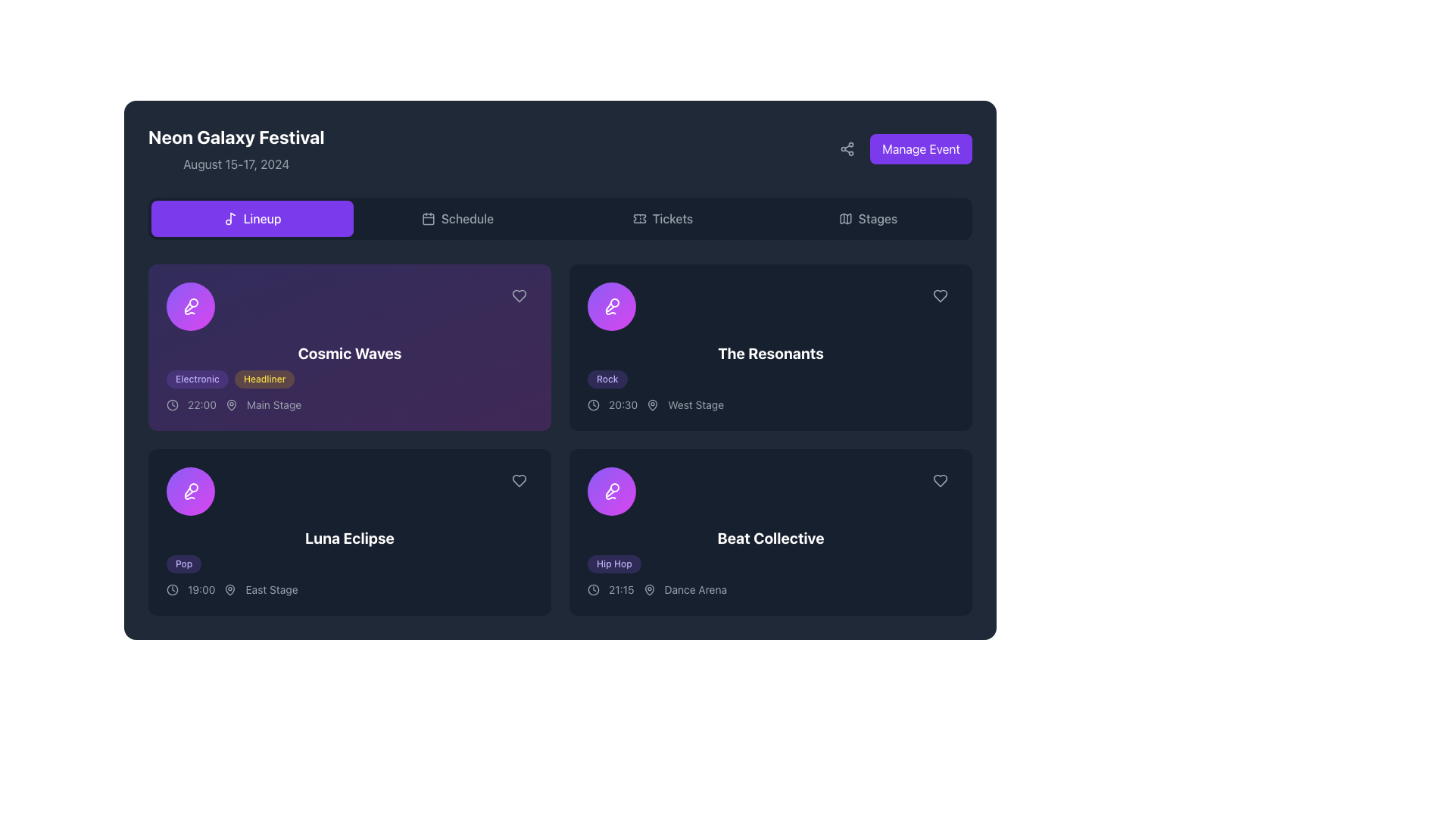 The height and width of the screenshot is (818, 1454). What do you see at coordinates (770, 537) in the screenshot?
I see `the title label of the card located at the bottom-right section of the interface, which indicates a featured name or event` at bounding box center [770, 537].